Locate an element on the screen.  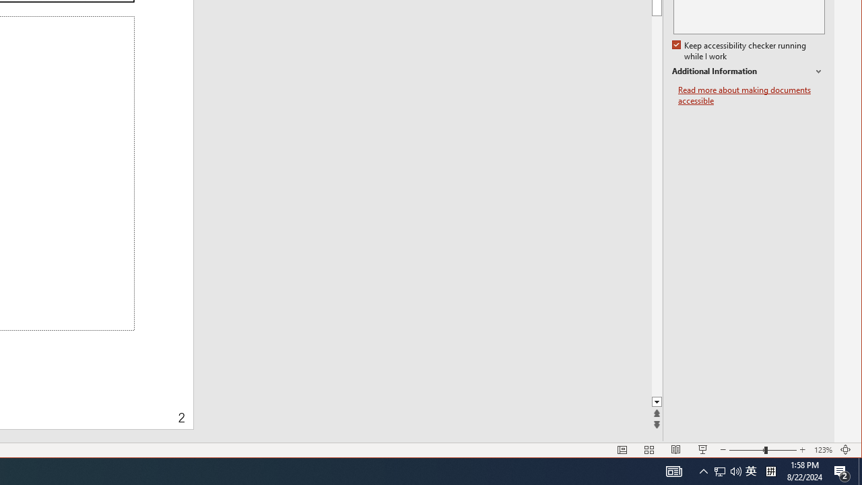
'Read more about making documents accessible' is located at coordinates (751, 95).